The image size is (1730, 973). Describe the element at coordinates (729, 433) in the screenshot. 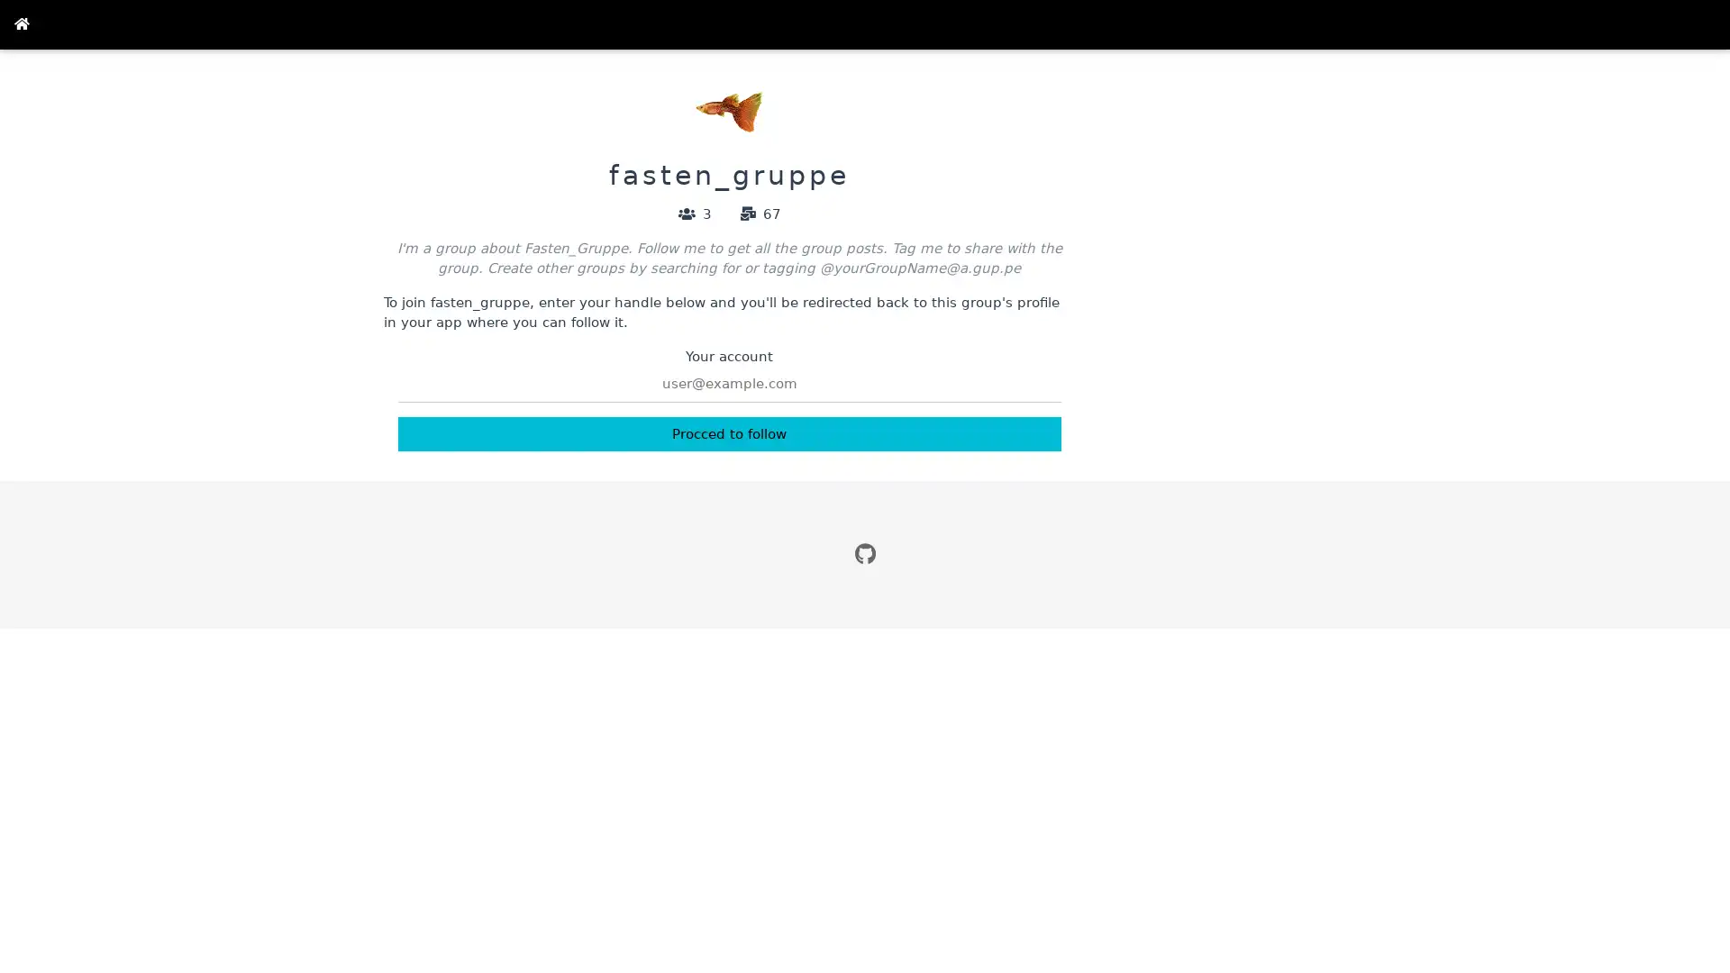

I see `Procced to follow` at that location.